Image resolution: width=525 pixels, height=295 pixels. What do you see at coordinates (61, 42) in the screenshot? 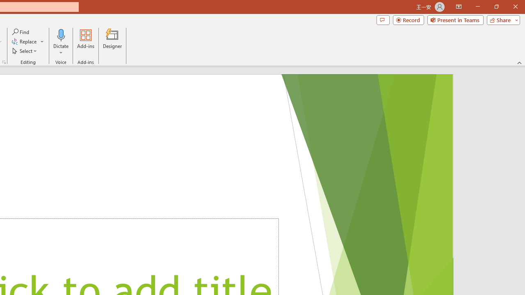
I see `'Dictate'` at bounding box center [61, 42].